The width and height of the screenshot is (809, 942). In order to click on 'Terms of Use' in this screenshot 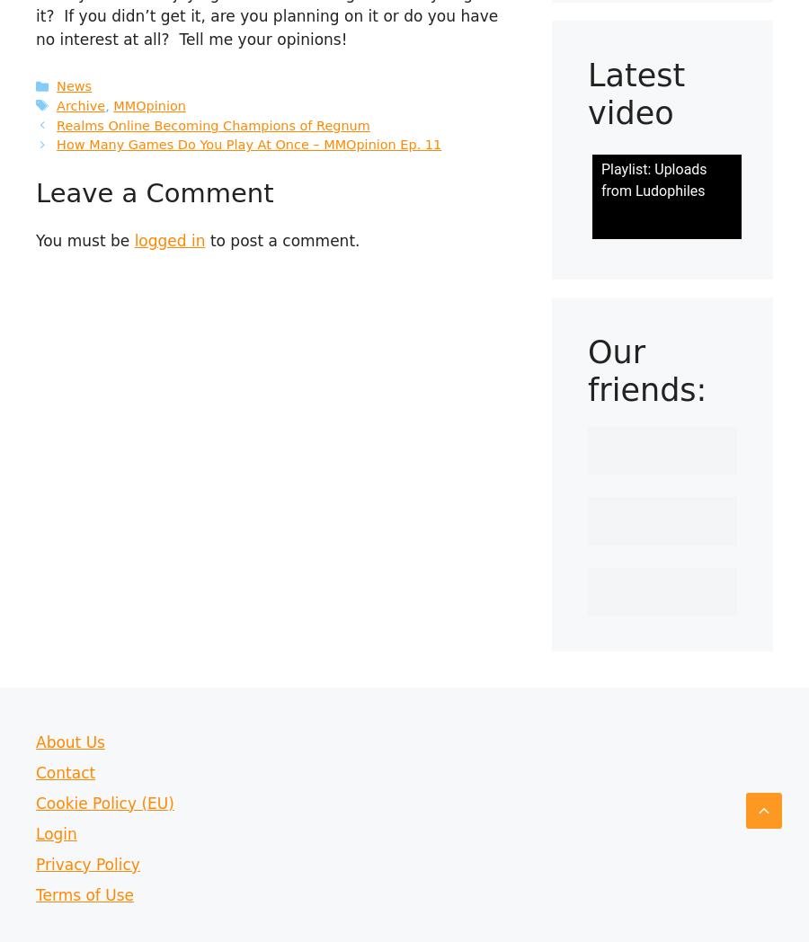, I will do `click(34, 893)`.